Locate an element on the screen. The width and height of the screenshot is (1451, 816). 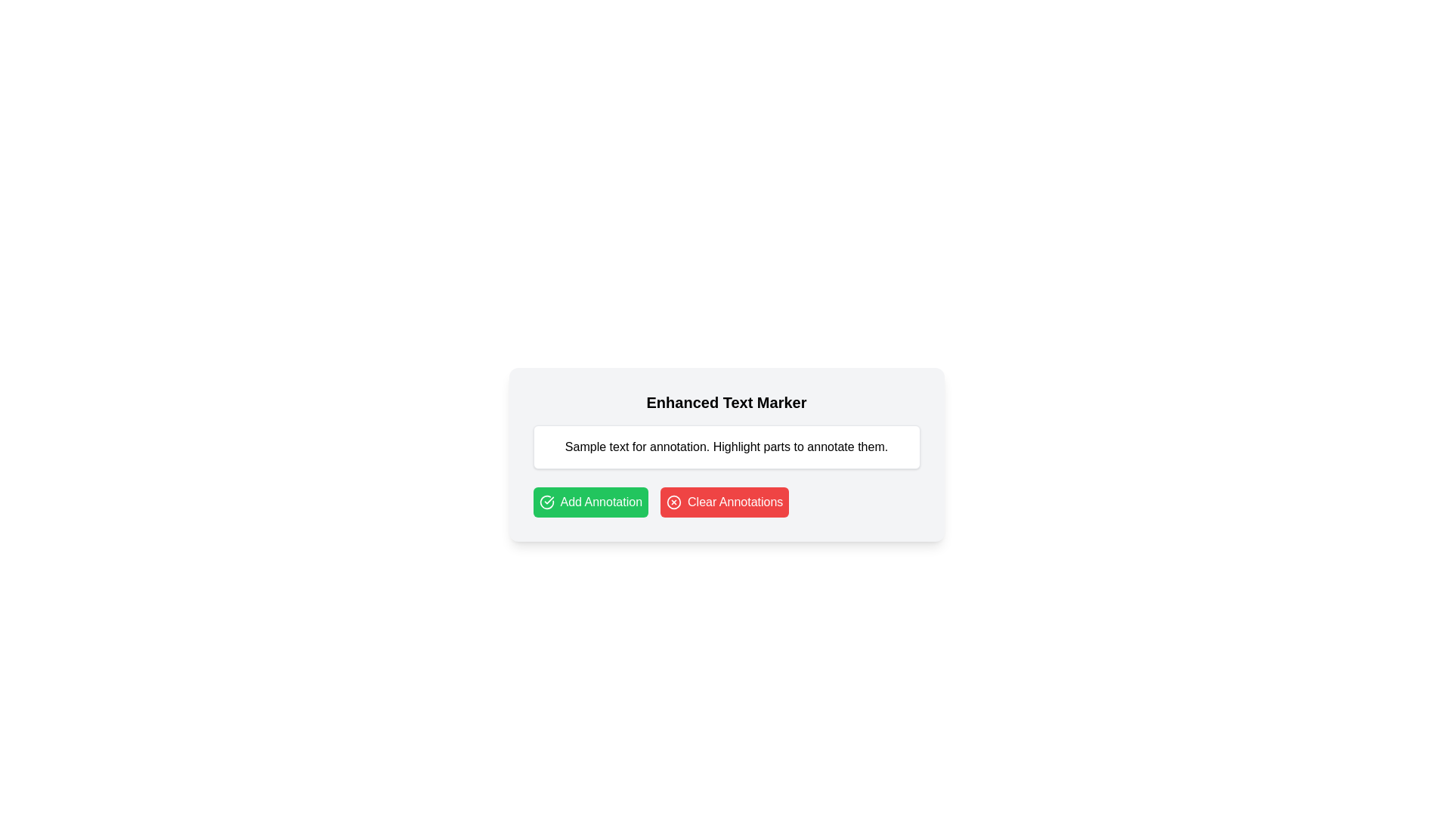
the character 't' in the text block that contains the sentence 'Sample text for annotation. Highlight parts to annotate them.' is located at coordinates (794, 446).